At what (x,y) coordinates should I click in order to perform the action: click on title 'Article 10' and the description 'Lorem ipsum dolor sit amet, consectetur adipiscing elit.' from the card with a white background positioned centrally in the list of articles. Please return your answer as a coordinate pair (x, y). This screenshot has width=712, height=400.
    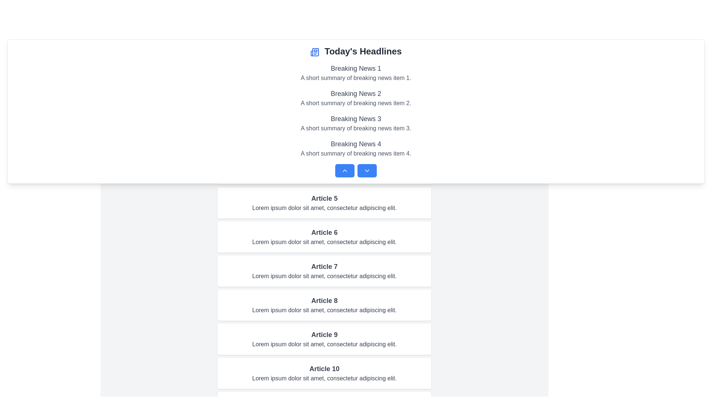
    Looking at the image, I should click on (324, 373).